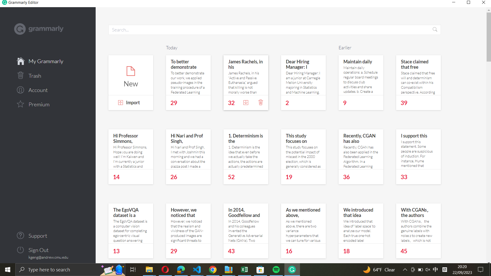 This screenshot has height=276, width=491. What do you see at coordinates (188, 149) in the screenshot?
I see `Create a note dedicated to Nari Prof Singh` at bounding box center [188, 149].